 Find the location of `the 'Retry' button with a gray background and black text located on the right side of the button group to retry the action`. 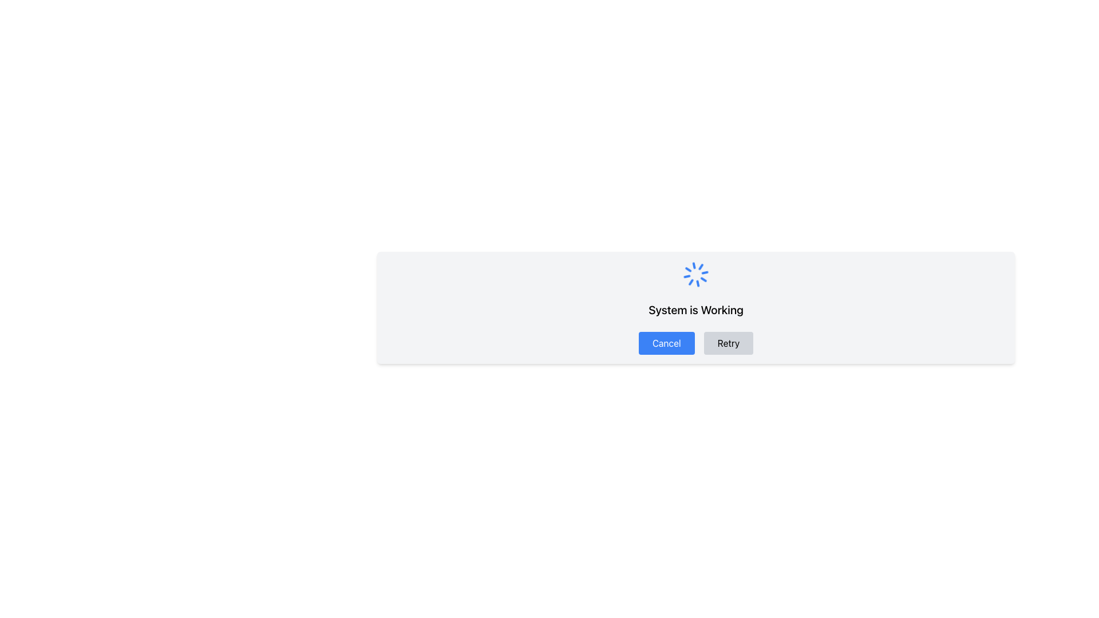

the 'Retry' button with a gray background and black text located on the right side of the button group to retry the action is located at coordinates (728, 343).